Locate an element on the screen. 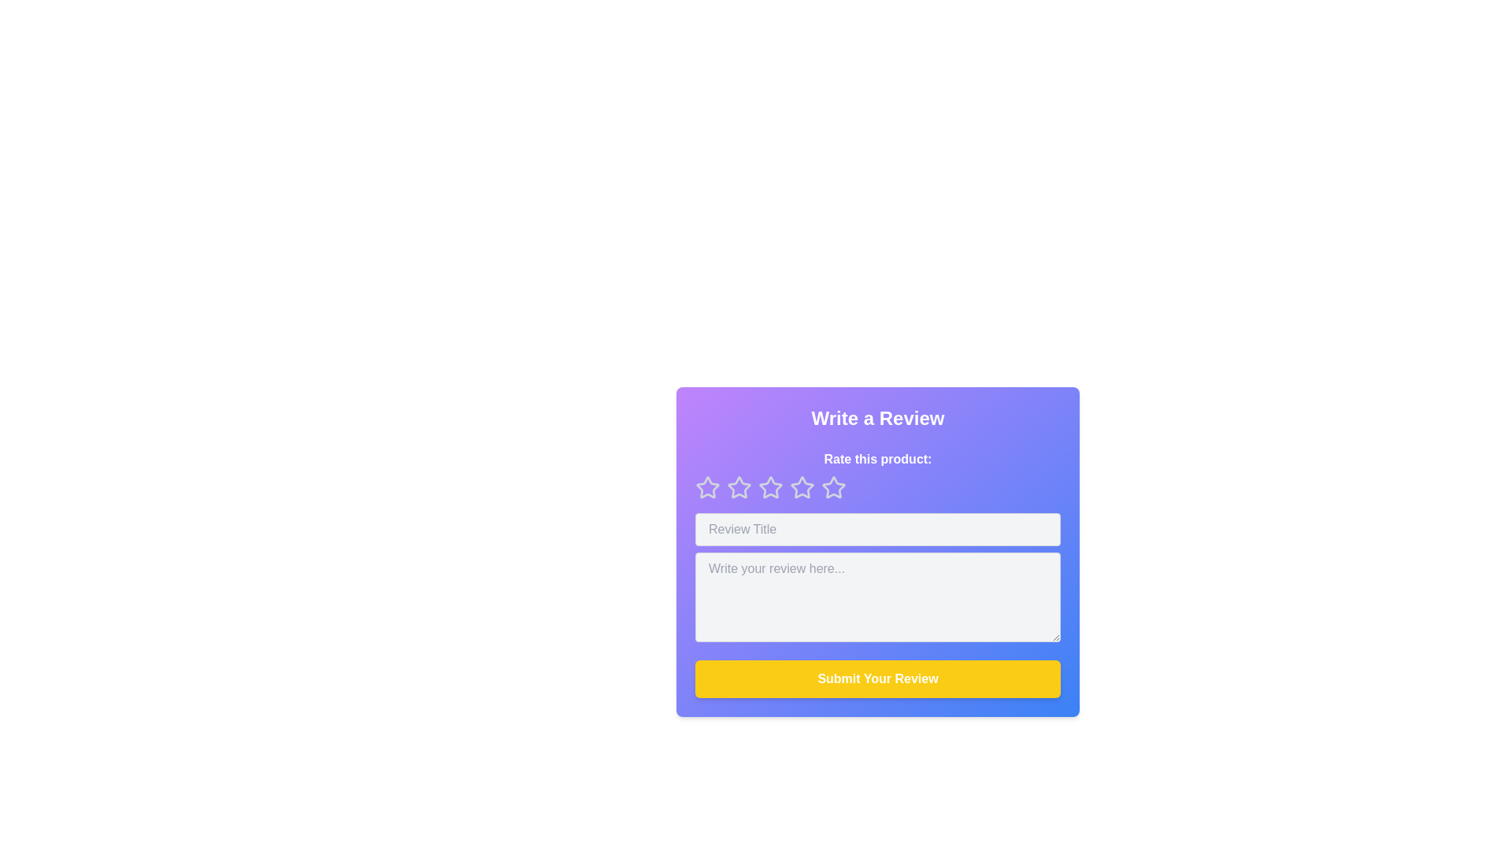 The width and height of the screenshot is (1512, 850). the second star icon in the row of rating stars directly below the 'Rate this product:' text in the 'Write a Review' modal is located at coordinates (771, 486).